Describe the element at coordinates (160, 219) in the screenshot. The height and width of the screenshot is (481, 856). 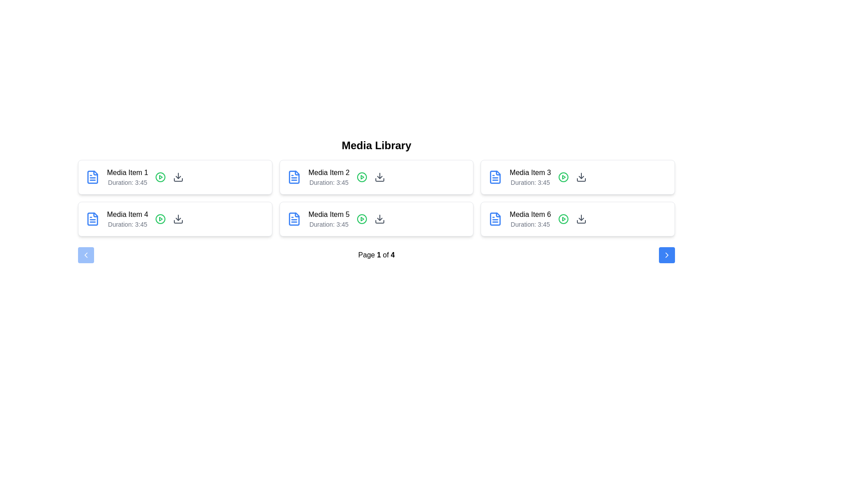
I see `the play button for 'Media Item 4'` at that location.